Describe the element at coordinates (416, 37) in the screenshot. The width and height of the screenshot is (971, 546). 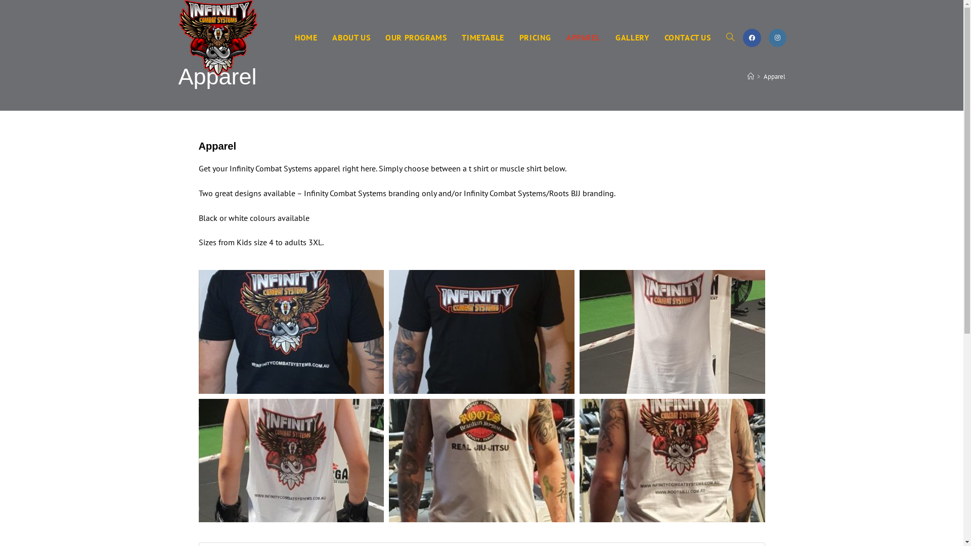
I see `'OUR PROGRAMS'` at that location.